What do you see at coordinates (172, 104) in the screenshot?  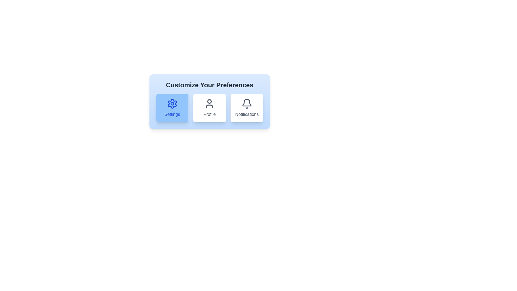 I see `the gear icon representing the 'Settings' option, which is centrally positioned in the leftmost card of a three-card layout` at bounding box center [172, 104].